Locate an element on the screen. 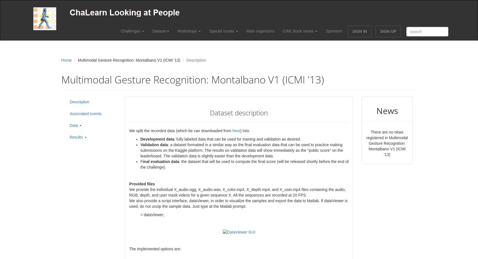 Image resolution: width=478 pixels, height=259 pixels. 'Associated events' is located at coordinates (70, 113).